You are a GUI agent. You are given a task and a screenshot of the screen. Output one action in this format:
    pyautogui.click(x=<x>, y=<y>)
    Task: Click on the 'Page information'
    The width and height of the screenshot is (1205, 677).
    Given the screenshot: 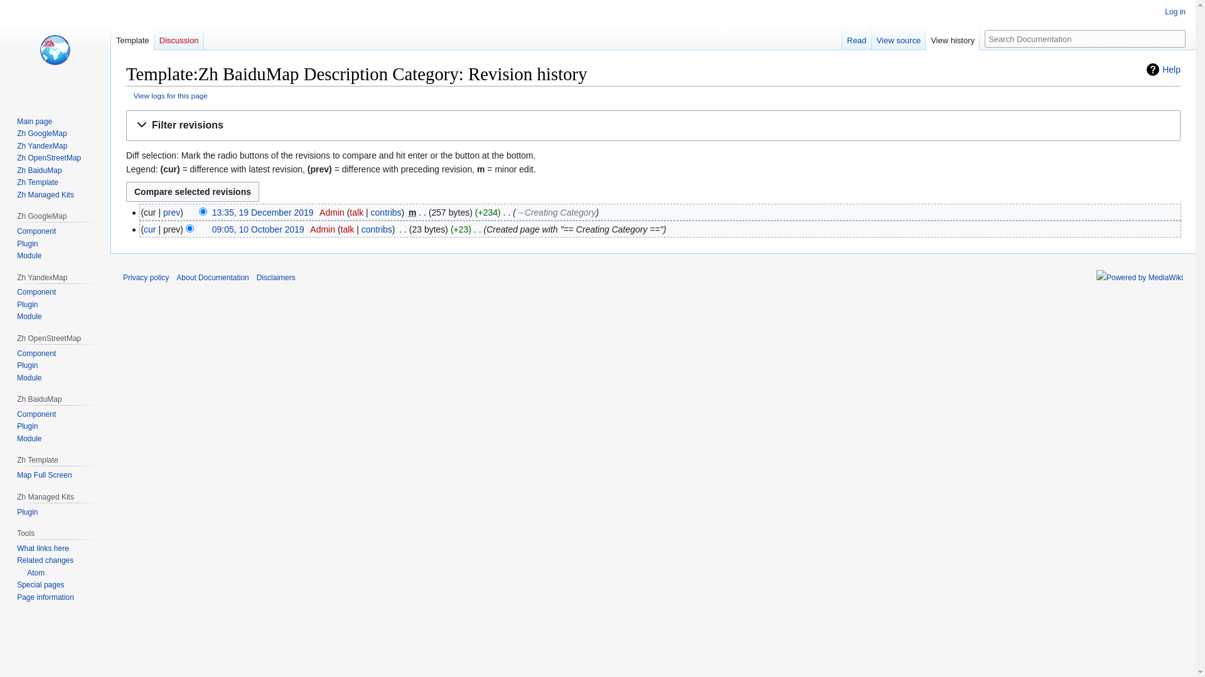 What is the action you would take?
    pyautogui.click(x=17, y=596)
    